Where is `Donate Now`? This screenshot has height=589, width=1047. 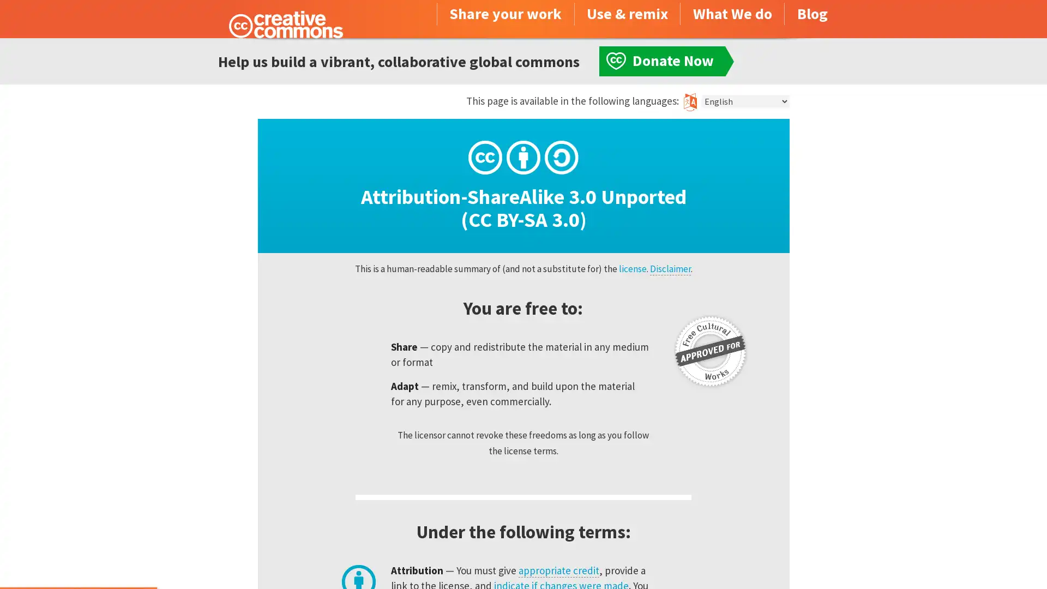
Donate Now is located at coordinates (78, 560).